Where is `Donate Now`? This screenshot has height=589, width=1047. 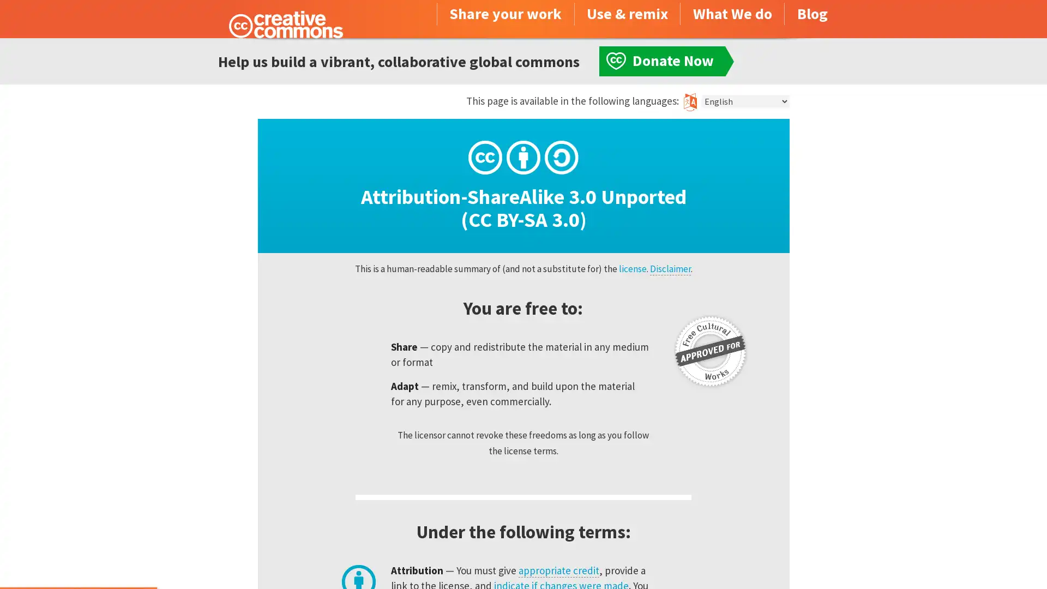
Donate Now is located at coordinates (78, 560).